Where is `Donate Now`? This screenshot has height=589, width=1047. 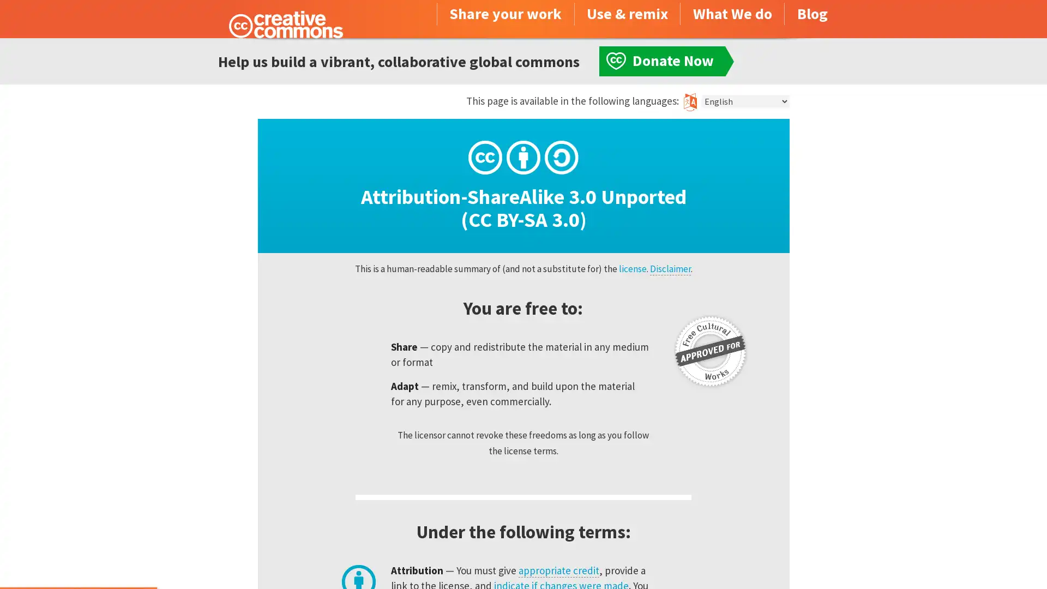
Donate Now is located at coordinates (78, 560).